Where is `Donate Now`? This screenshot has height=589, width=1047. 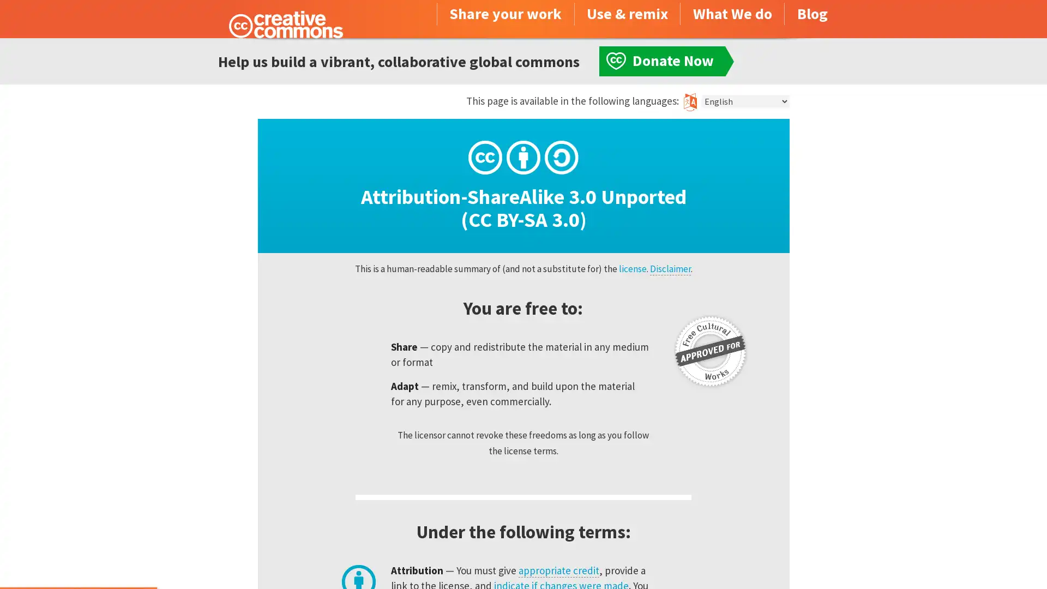
Donate Now is located at coordinates (78, 560).